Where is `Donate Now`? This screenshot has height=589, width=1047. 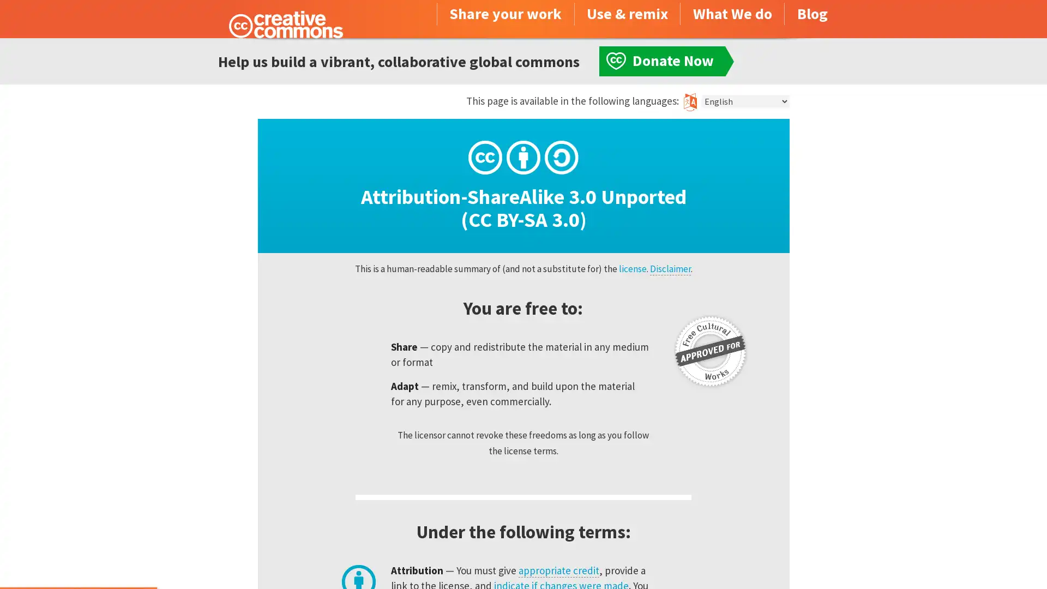
Donate Now is located at coordinates (78, 560).